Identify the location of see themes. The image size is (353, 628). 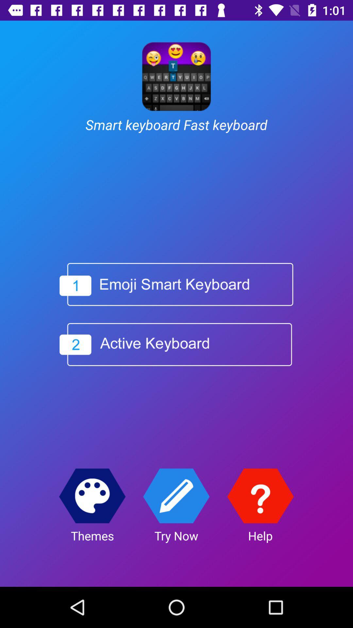
(92, 496).